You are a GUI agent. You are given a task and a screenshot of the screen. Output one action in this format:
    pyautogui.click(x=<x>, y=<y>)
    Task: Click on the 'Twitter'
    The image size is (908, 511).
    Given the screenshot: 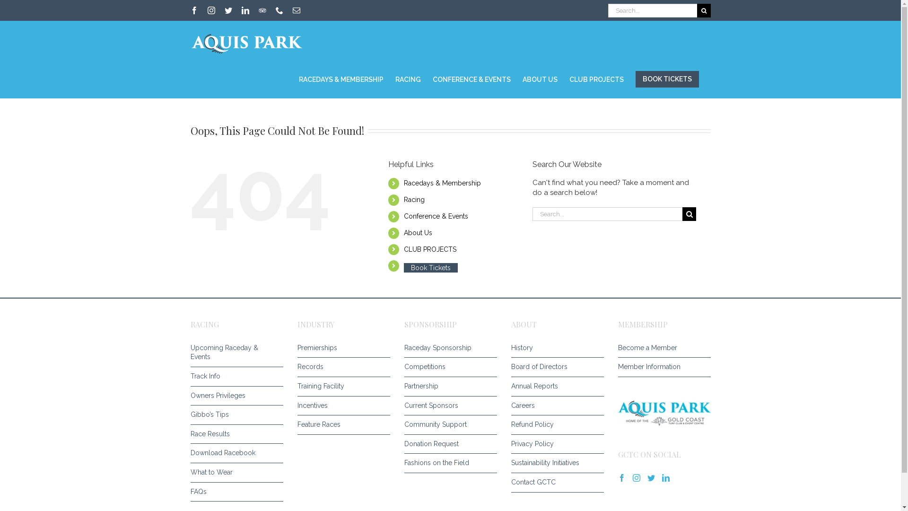 What is the action you would take?
    pyautogui.click(x=227, y=10)
    